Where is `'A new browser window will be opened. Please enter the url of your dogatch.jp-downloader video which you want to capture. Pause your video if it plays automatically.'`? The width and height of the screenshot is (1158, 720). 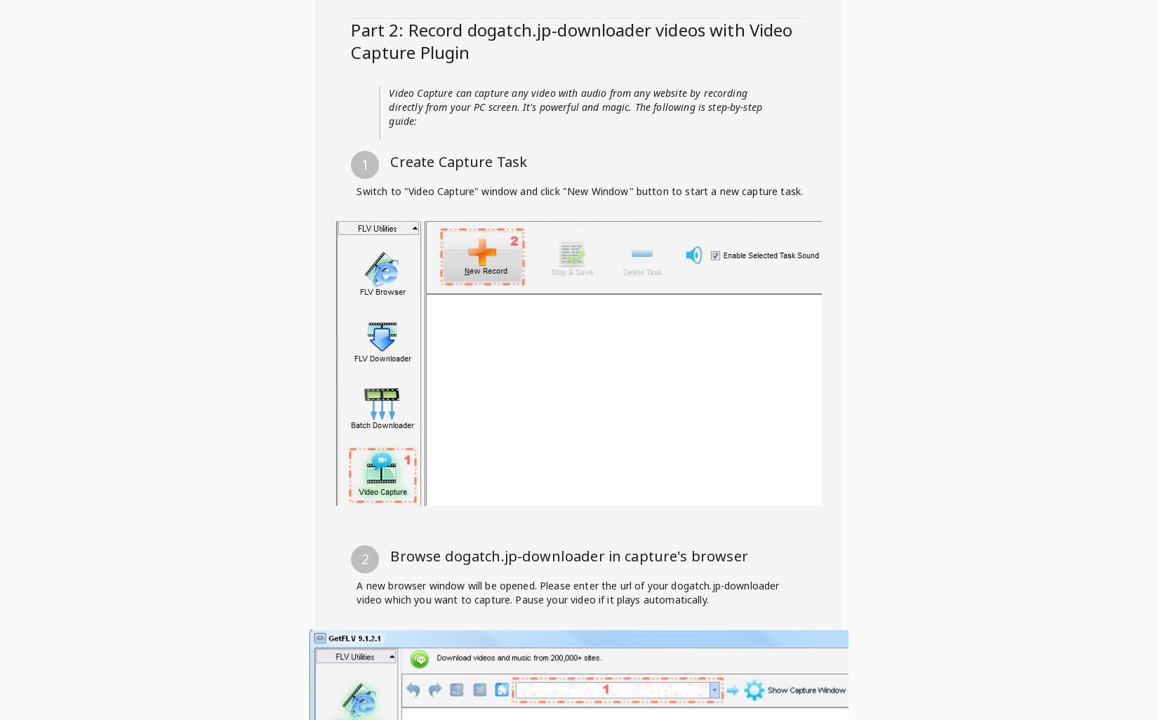 'A new browser window will be opened. Please enter the url of your dogatch.jp-downloader video which you want to capture. Pause your video if it plays automatically.' is located at coordinates (356, 592).